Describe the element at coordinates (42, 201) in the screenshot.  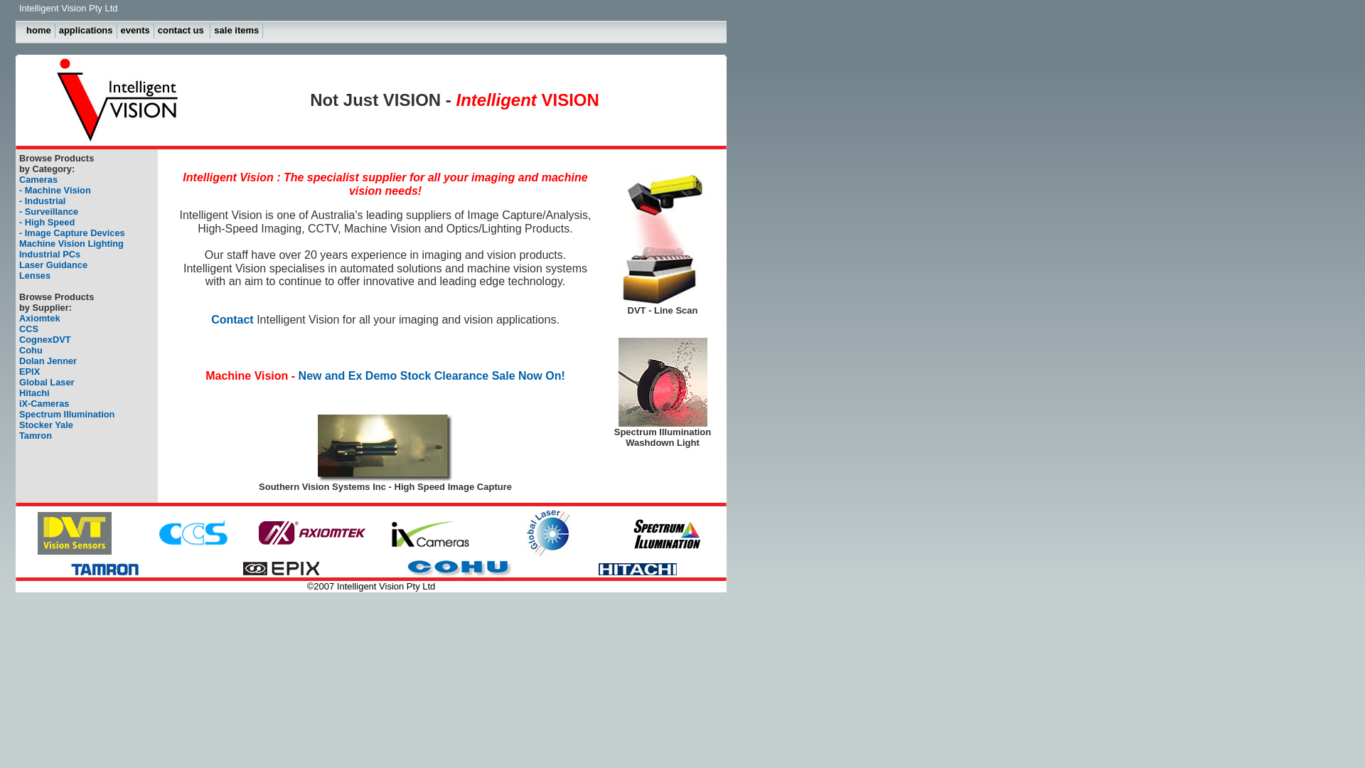
I see `'- Industrial'` at that location.